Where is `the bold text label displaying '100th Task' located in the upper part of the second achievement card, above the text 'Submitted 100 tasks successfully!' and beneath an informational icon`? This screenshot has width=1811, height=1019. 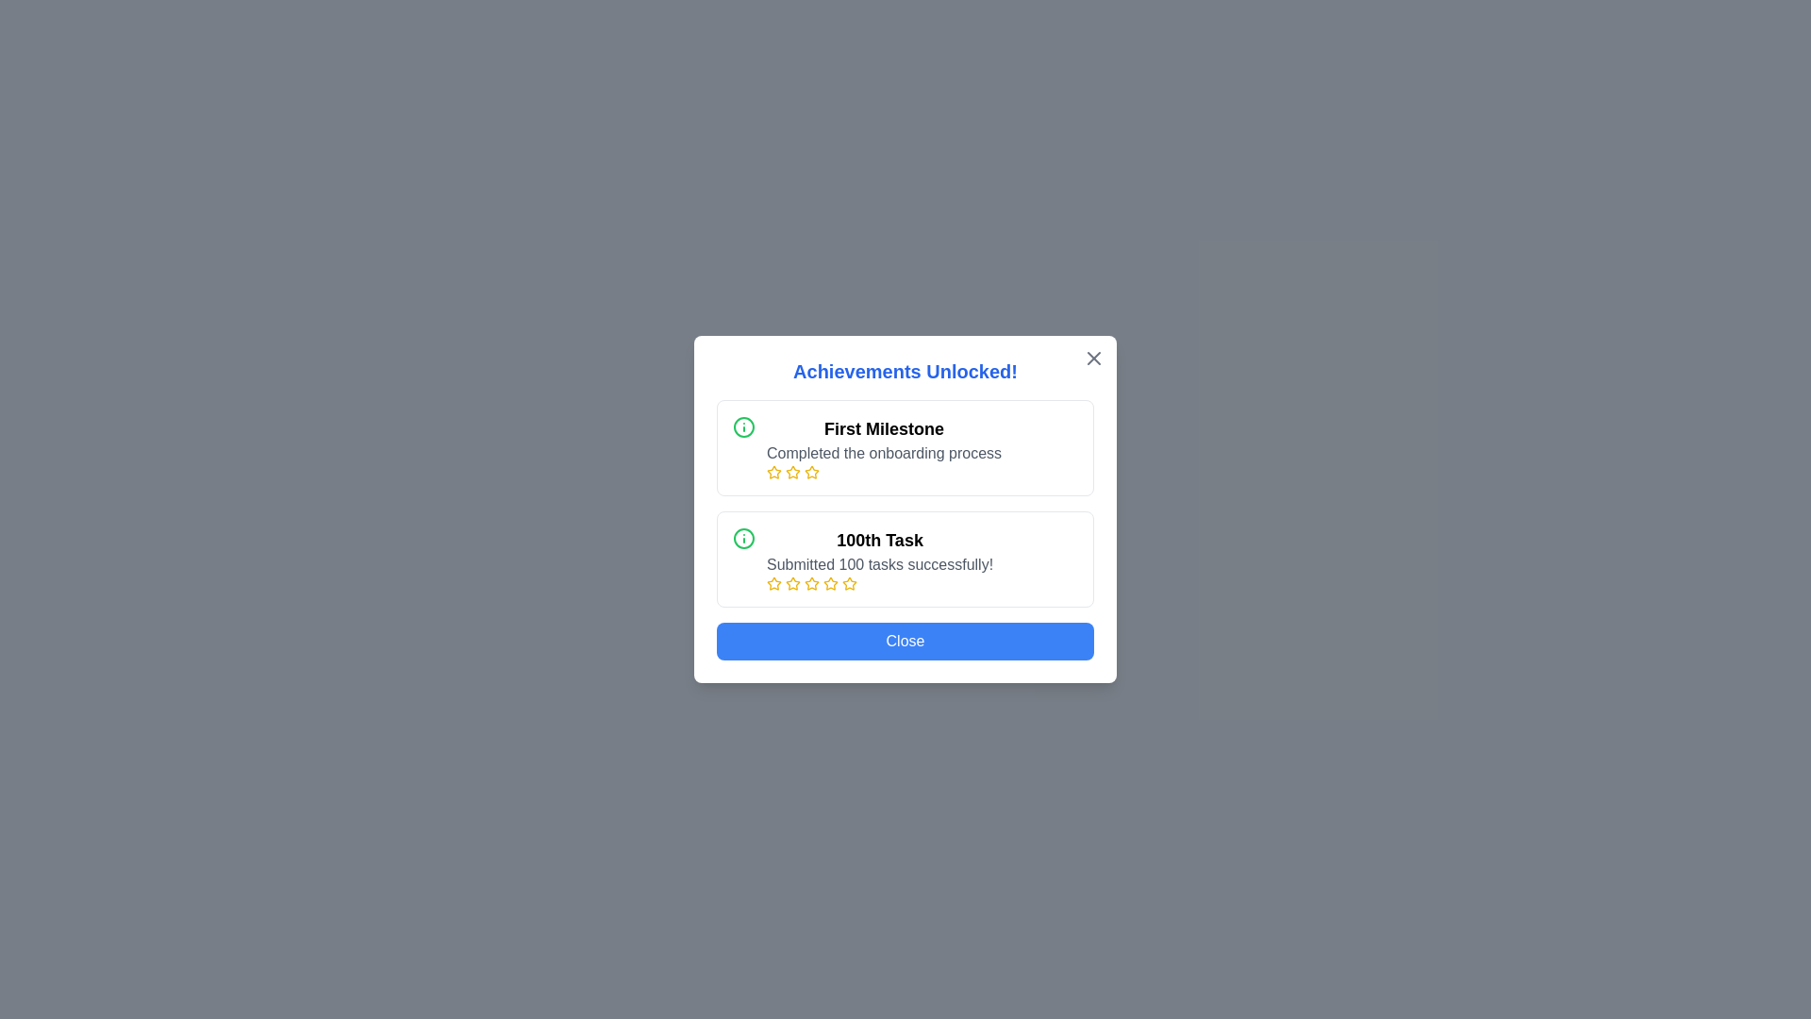 the bold text label displaying '100th Task' located in the upper part of the second achievement card, above the text 'Submitted 100 tasks successfully!' and beneath an informational icon is located at coordinates (879, 541).